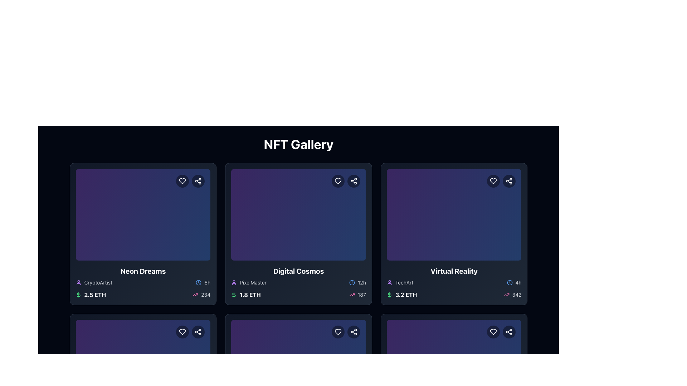 This screenshot has height=386, width=687. What do you see at coordinates (506, 295) in the screenshot?
I see `the trend indicator icon located in the bottom right corner of the third card in the top row, which is adjacent to the numeric indicator '342'` at bounding box center [506, 295].